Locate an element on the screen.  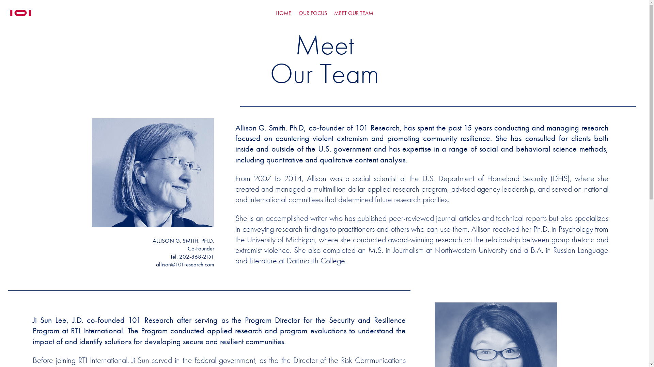
'MEET OUR TEAM' is located at coordinates (354, 13).